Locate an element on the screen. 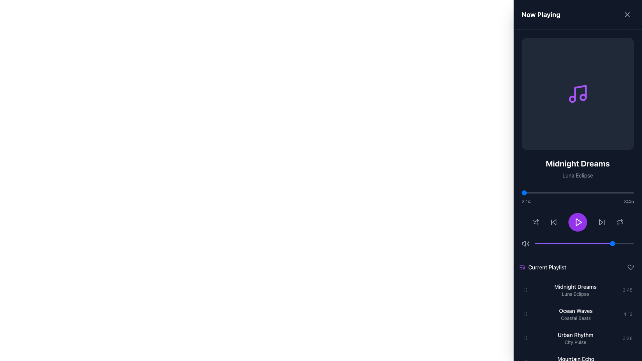 The image size is (642, 361). the play button located in the center of the row of control buttons beneath the progress bar of the audio player is located at coordinates (577, 222).